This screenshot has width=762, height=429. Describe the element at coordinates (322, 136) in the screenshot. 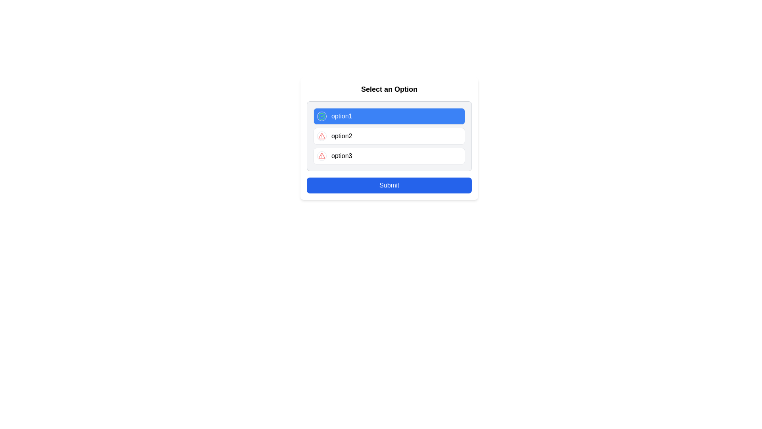

I see `the warning icon located inside the second option box, to the left of the text labeled 'option2'` at that location.